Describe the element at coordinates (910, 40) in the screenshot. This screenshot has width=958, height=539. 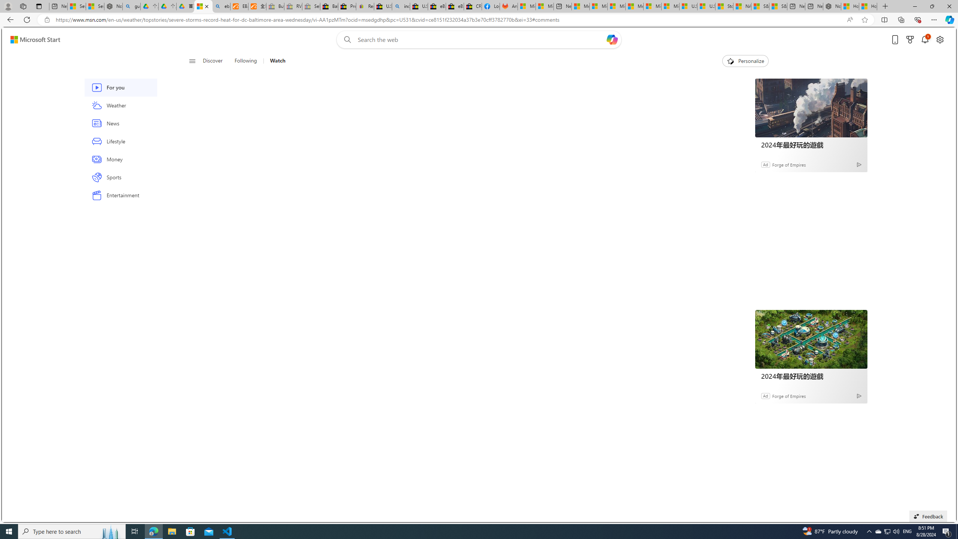
I see `'Microsoft rewards'` at that location.